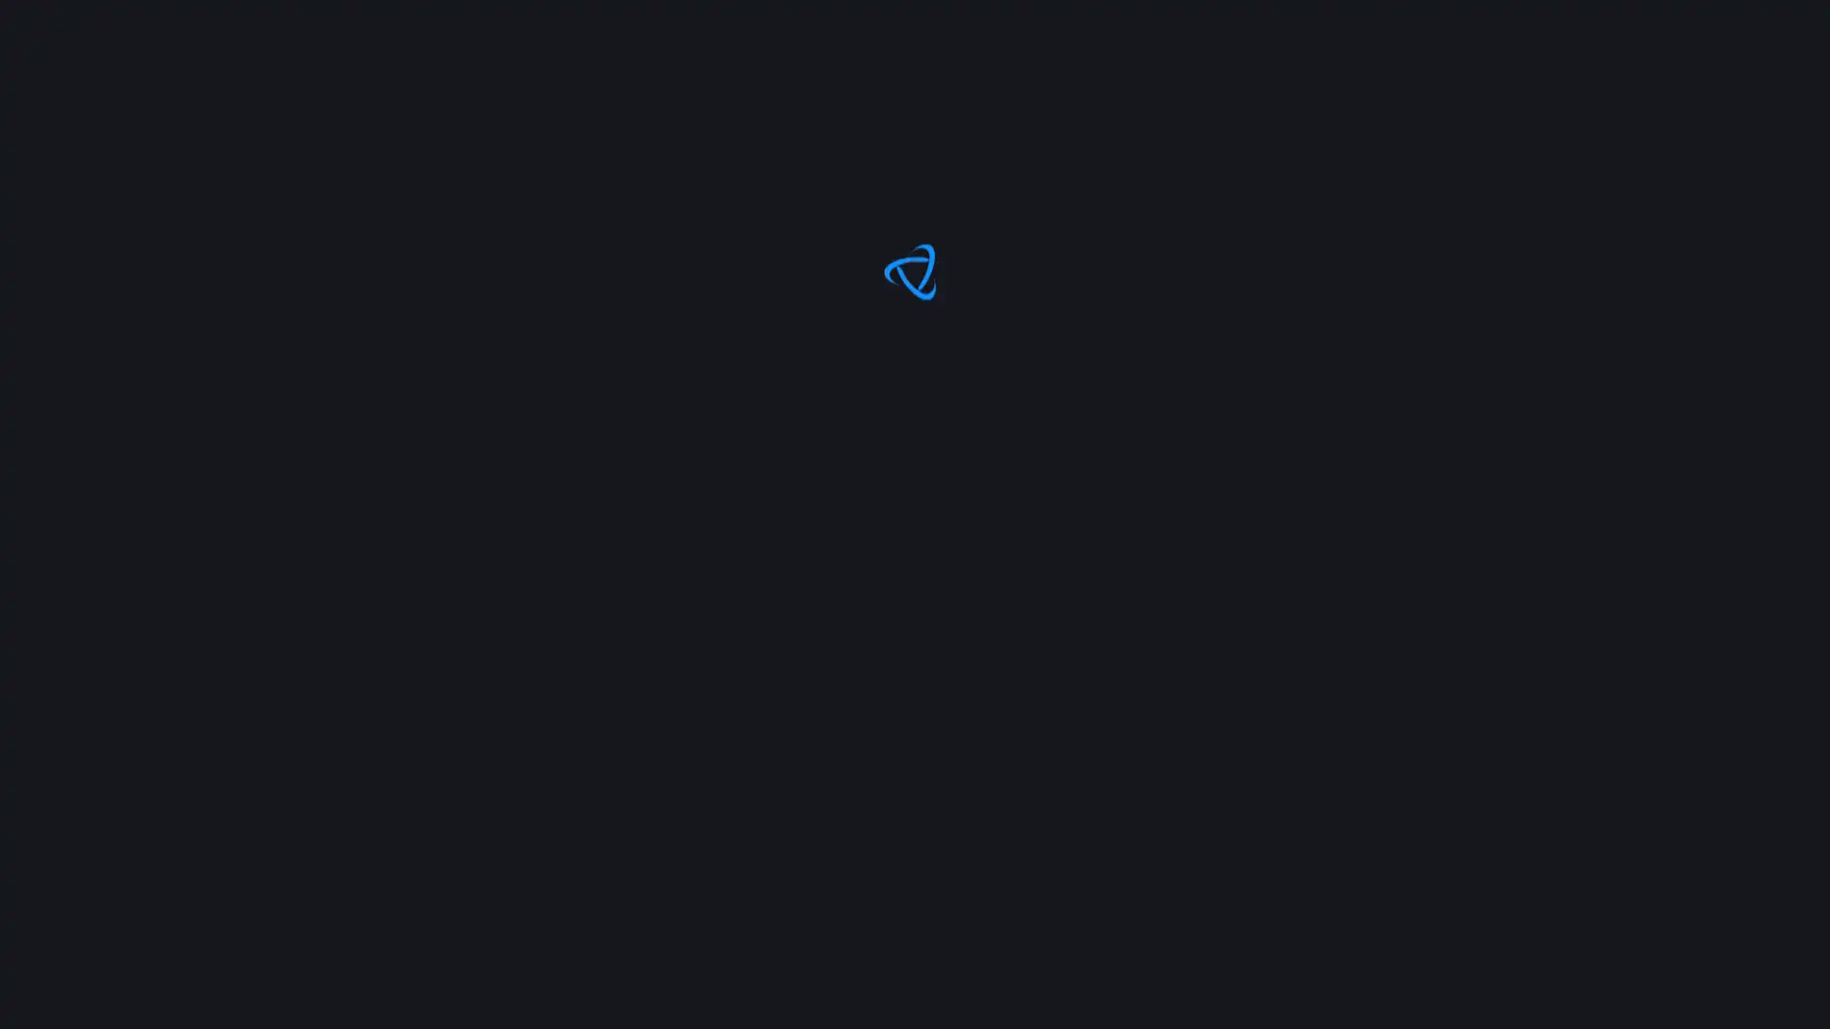 This screenshot has width=1830, height=1029. What do you see at coordinates (1581, 107) in the screenshot?
I see `Battle.net Balance` at bounding box center [1581, 107].